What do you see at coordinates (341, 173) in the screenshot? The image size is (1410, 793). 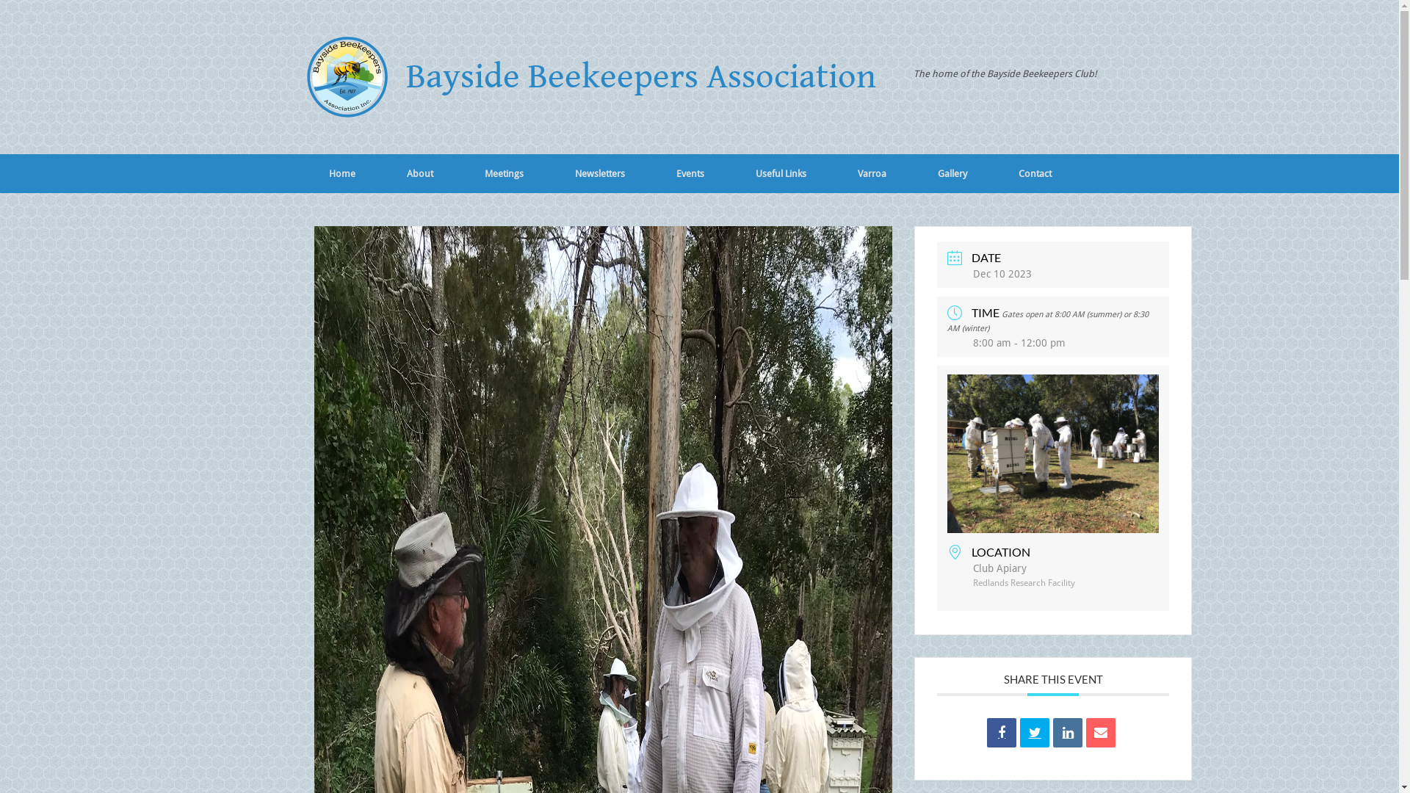 I see `'Home'` at bounding box center [341, 173].